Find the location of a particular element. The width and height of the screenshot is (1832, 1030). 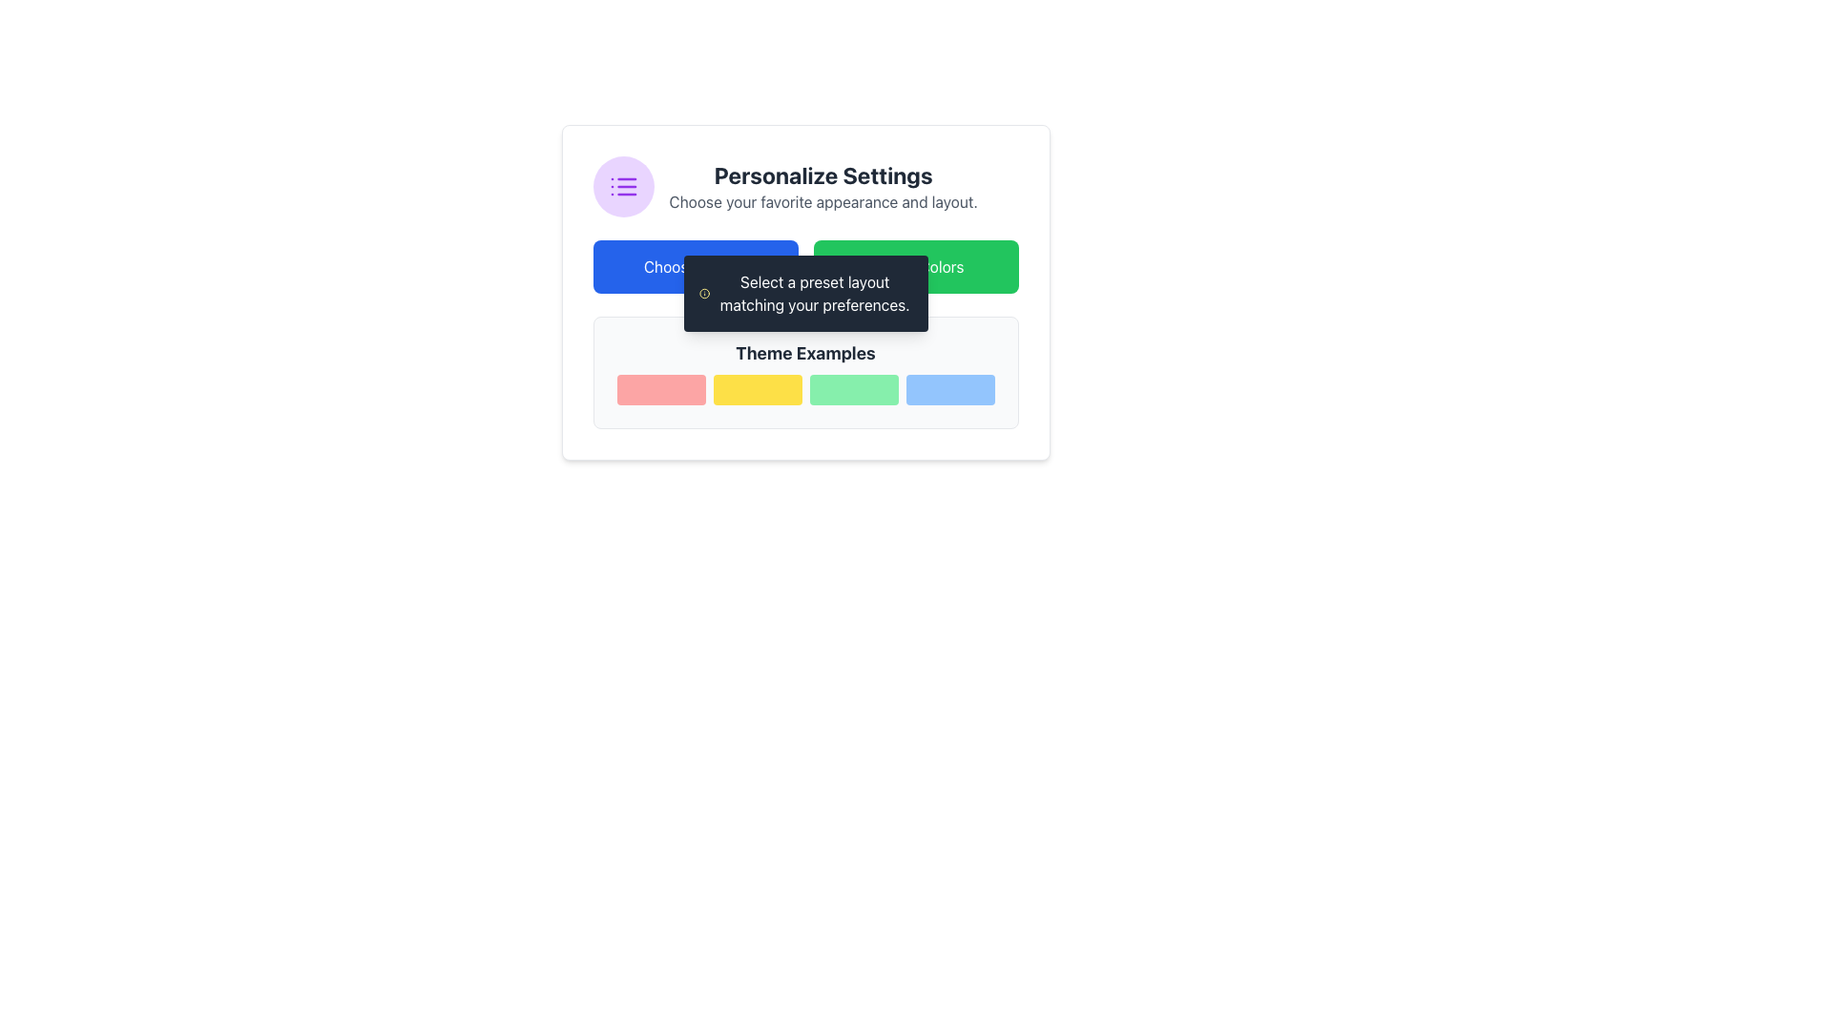

the first colored block in the 'Theme Examples' section, which is the leftmost block in a row of four blocks (colored red), adjacent to yellow, green, and blue blocks is located at coordinates (660, 388).